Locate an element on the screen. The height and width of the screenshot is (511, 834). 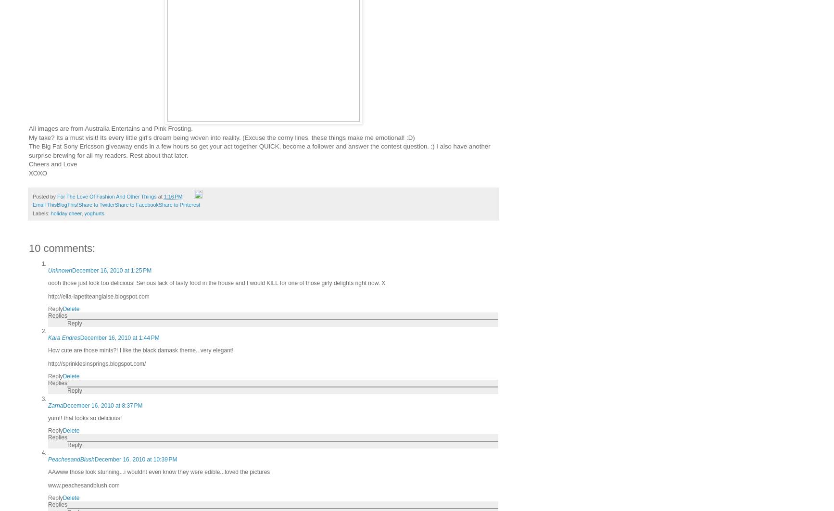
'Labels:' is located at coordinates (41, 212).